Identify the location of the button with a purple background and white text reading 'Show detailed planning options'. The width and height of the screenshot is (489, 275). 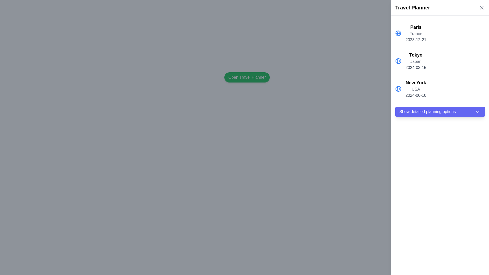
(440, 112).